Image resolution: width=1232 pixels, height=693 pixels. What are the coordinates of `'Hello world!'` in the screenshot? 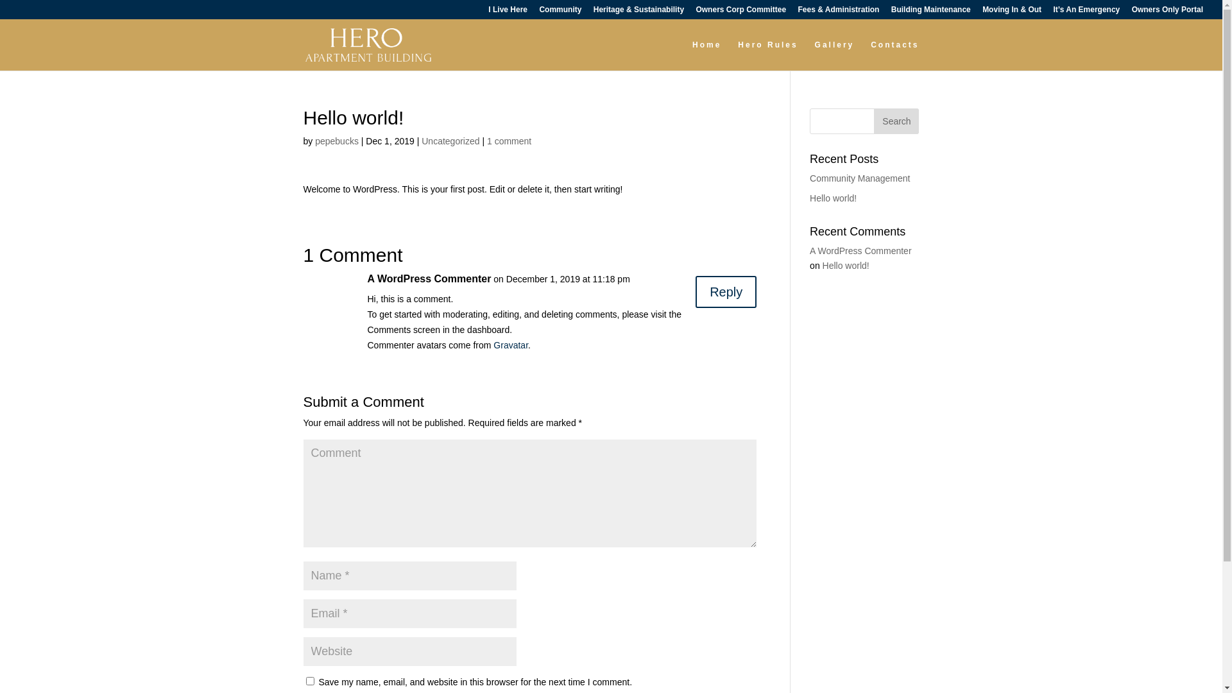 It's located at (833, 198).